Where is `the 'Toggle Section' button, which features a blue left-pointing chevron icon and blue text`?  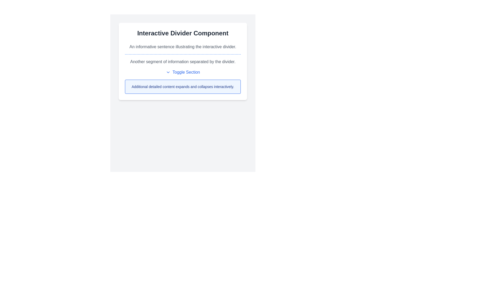 the 'Toggle Section' button, which features a blue left-pointing chevron icon and blue text is located at coordinates (183, 72).